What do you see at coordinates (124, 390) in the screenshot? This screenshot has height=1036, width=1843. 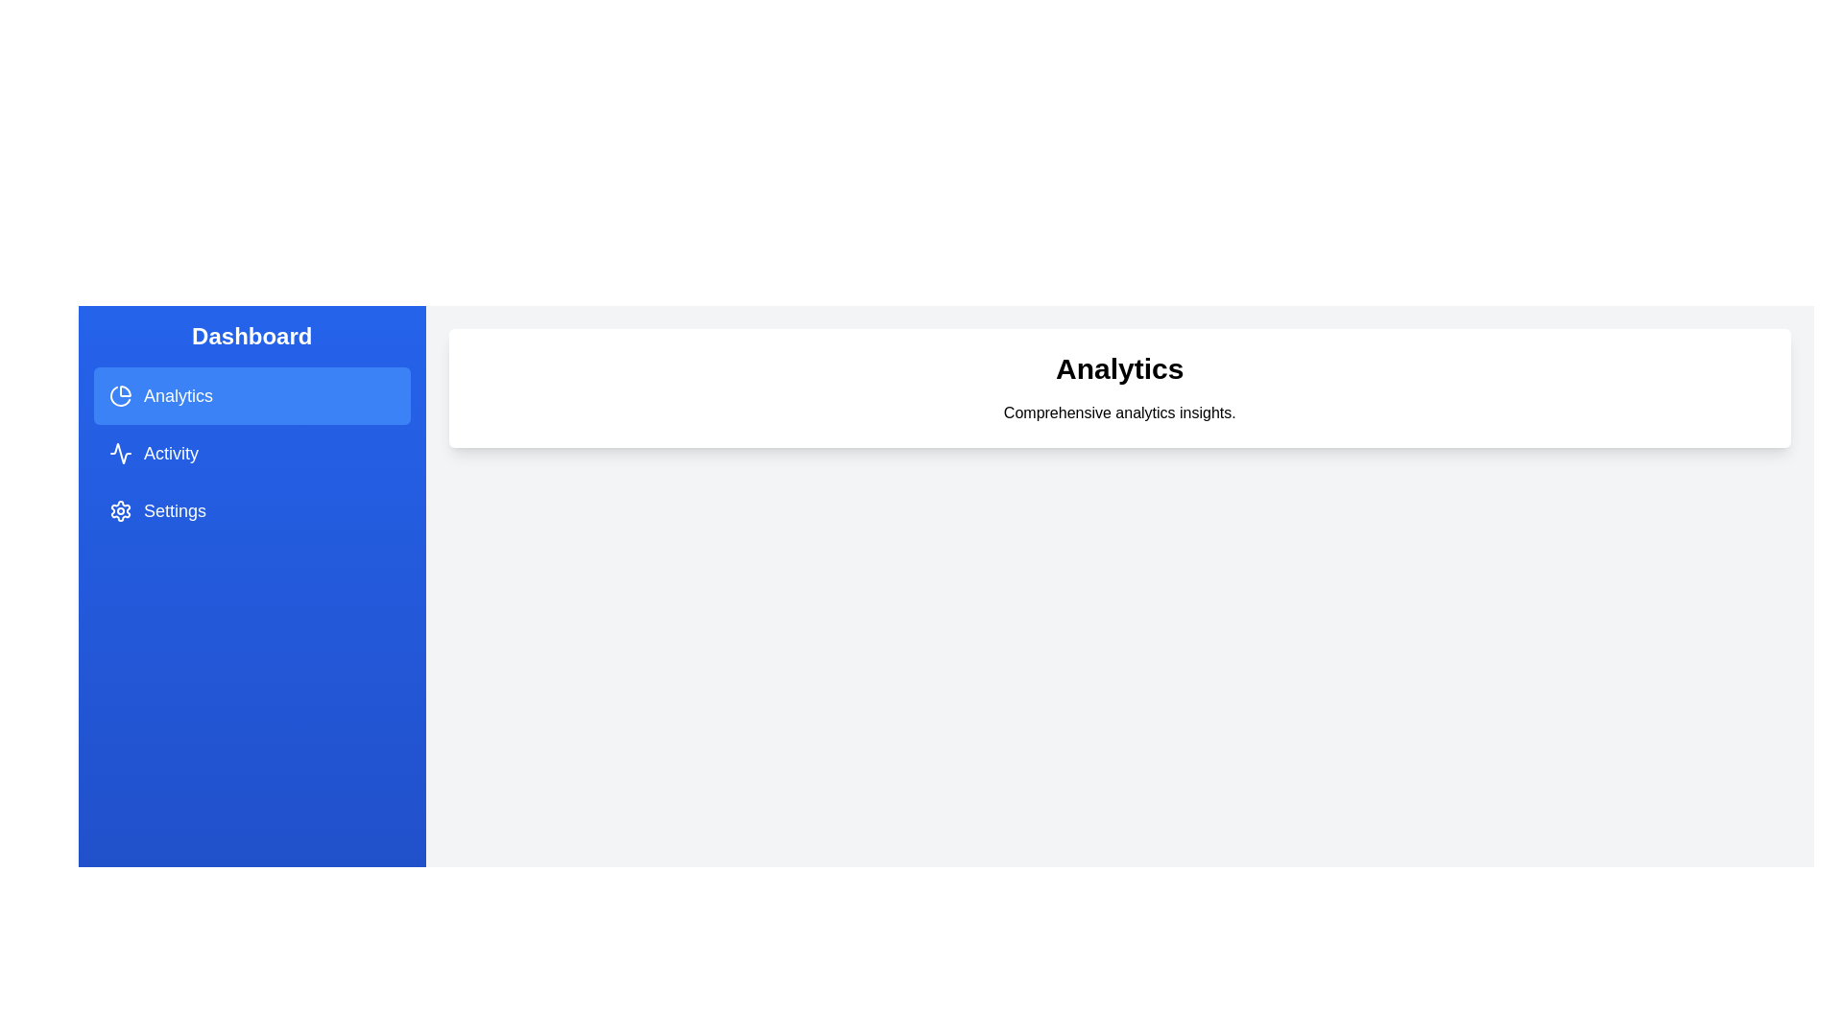 I see `the upper-right arc component of the pie-chart-like icon in the sidebar menu, located next to the 'Analytics' text` at bounding box center [124, 390].